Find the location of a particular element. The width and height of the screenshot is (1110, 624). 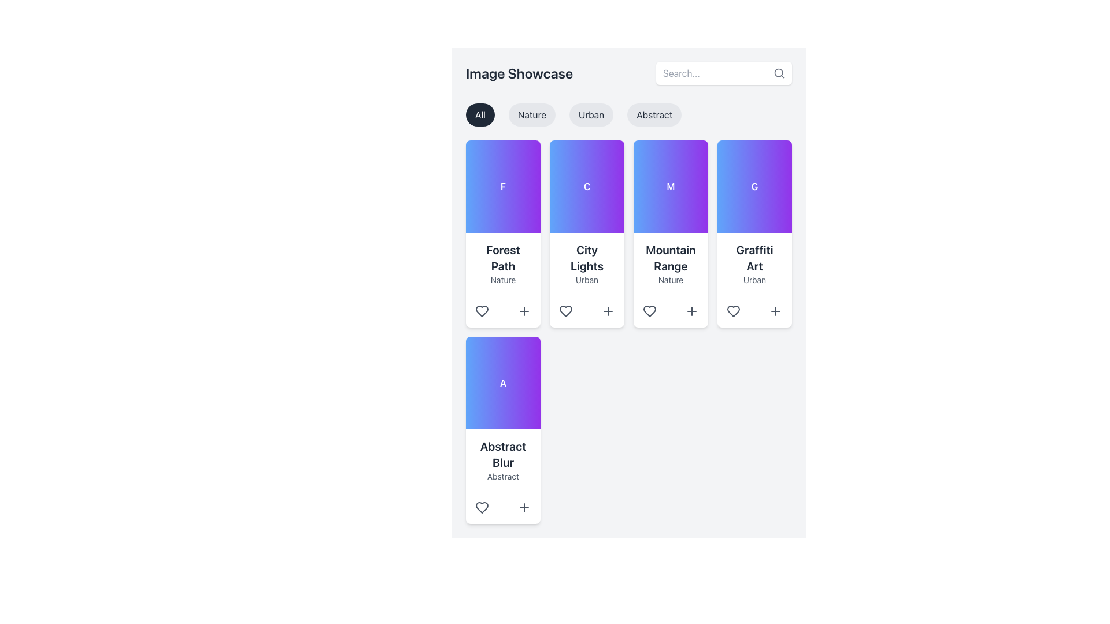

the 'like' icon button in the 'Graffiti Art' card section is located at coordinates (732, 311).